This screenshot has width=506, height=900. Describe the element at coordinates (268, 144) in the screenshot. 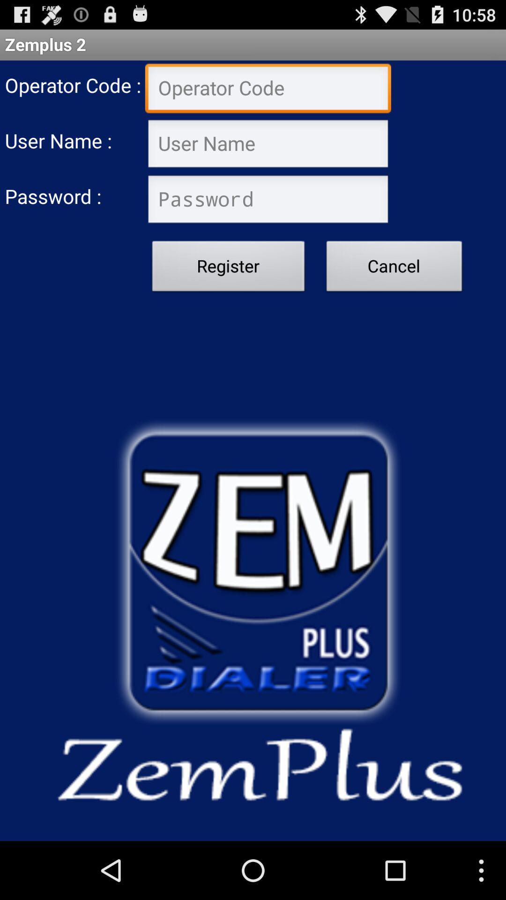

I see `username` at that location.